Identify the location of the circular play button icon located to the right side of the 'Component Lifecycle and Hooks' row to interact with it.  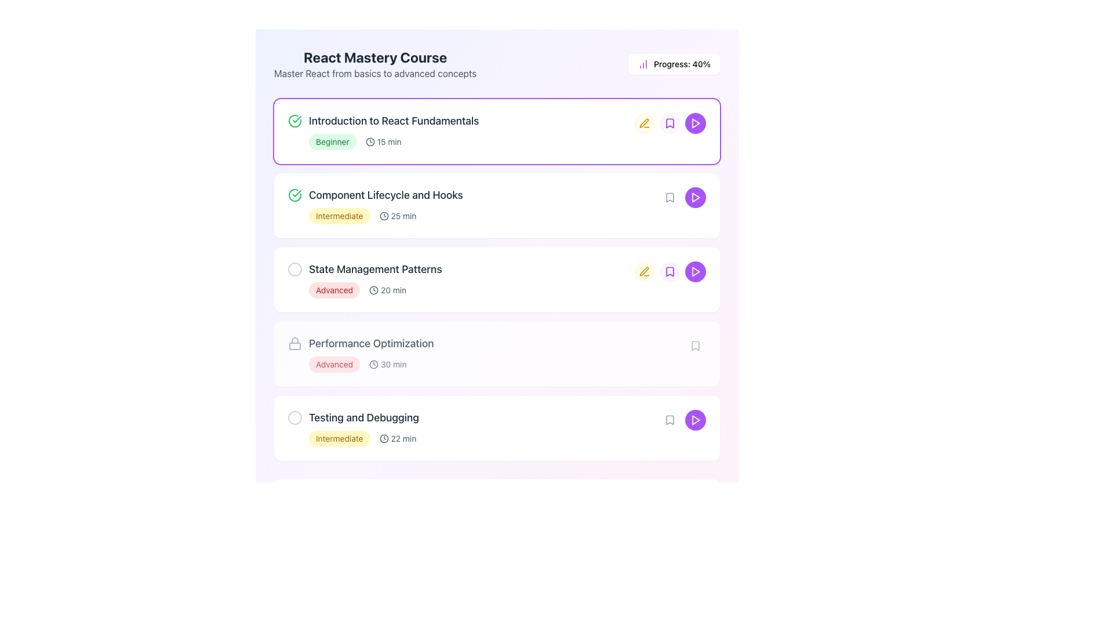
(696, 196).